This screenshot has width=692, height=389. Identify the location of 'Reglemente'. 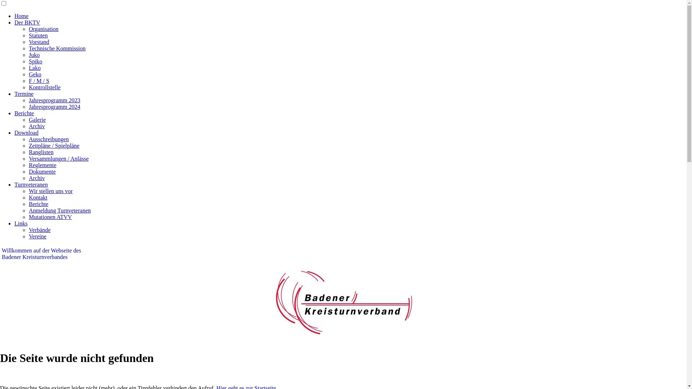
(42, 165).